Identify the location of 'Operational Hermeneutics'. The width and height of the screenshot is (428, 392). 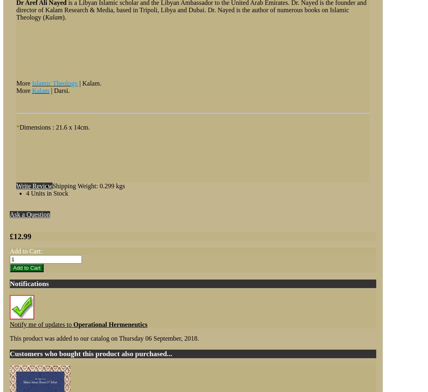
(73, 324).